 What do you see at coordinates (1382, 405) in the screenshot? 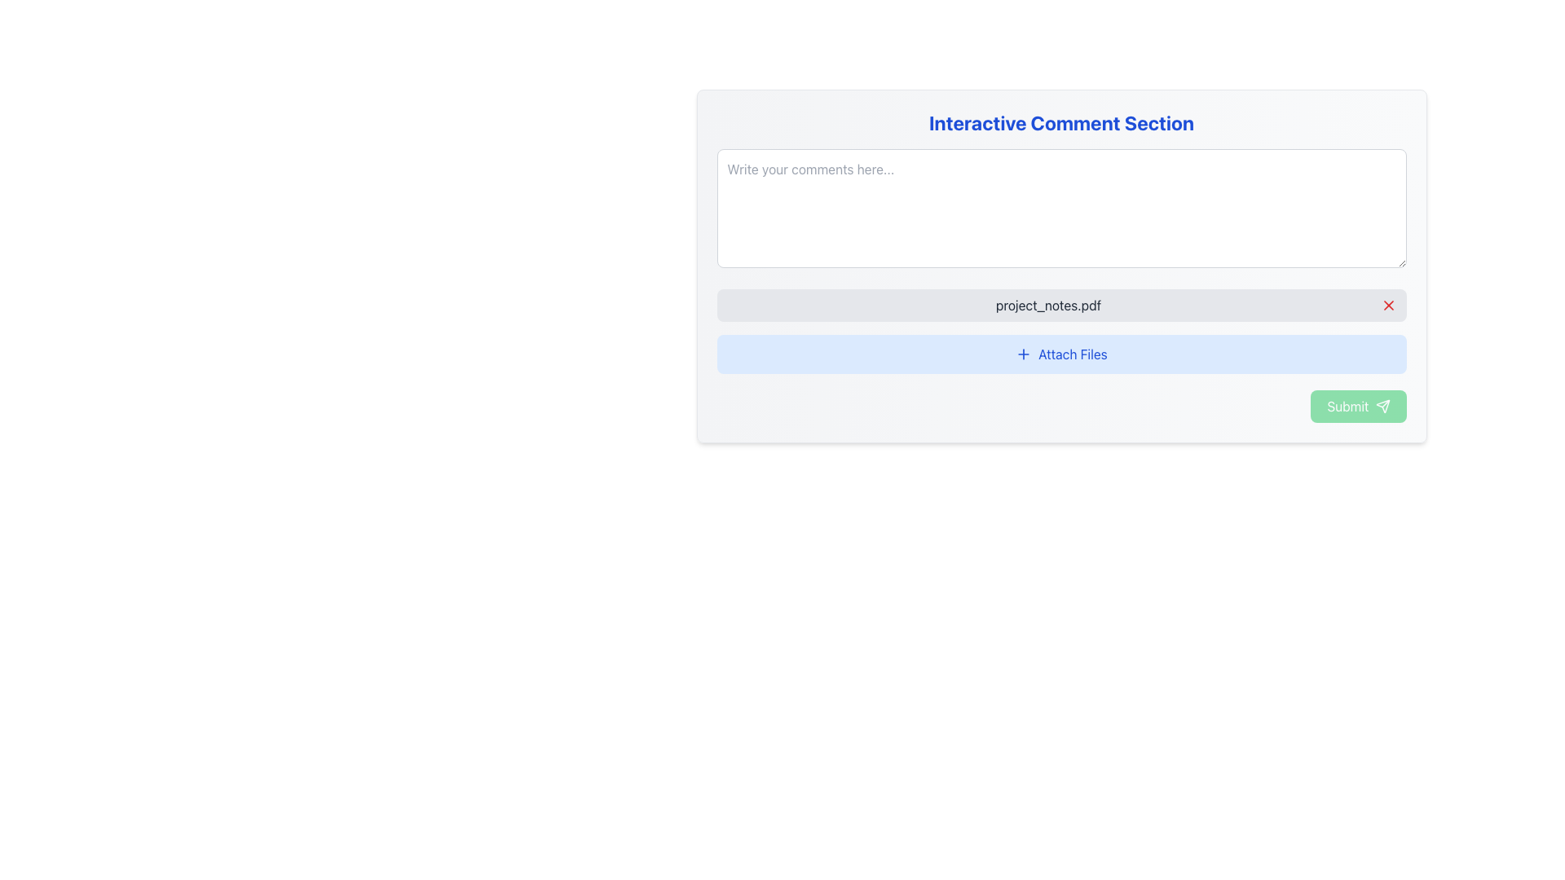
I see `the paper airplane icon within the 'Submit' button` at bounding box center [1382, 405].